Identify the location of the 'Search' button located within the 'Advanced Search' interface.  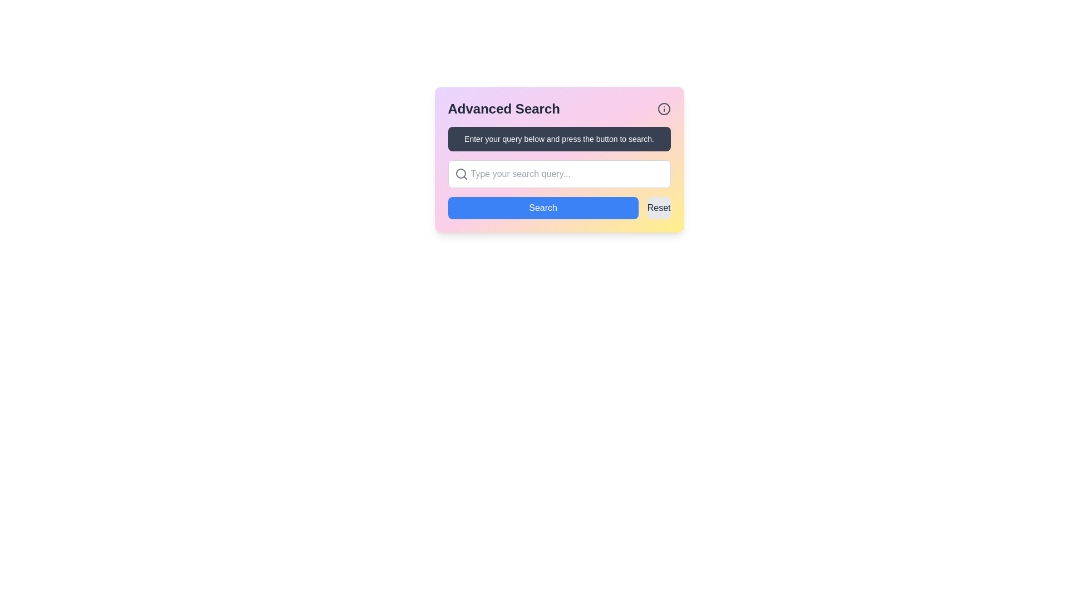
(559, 208).